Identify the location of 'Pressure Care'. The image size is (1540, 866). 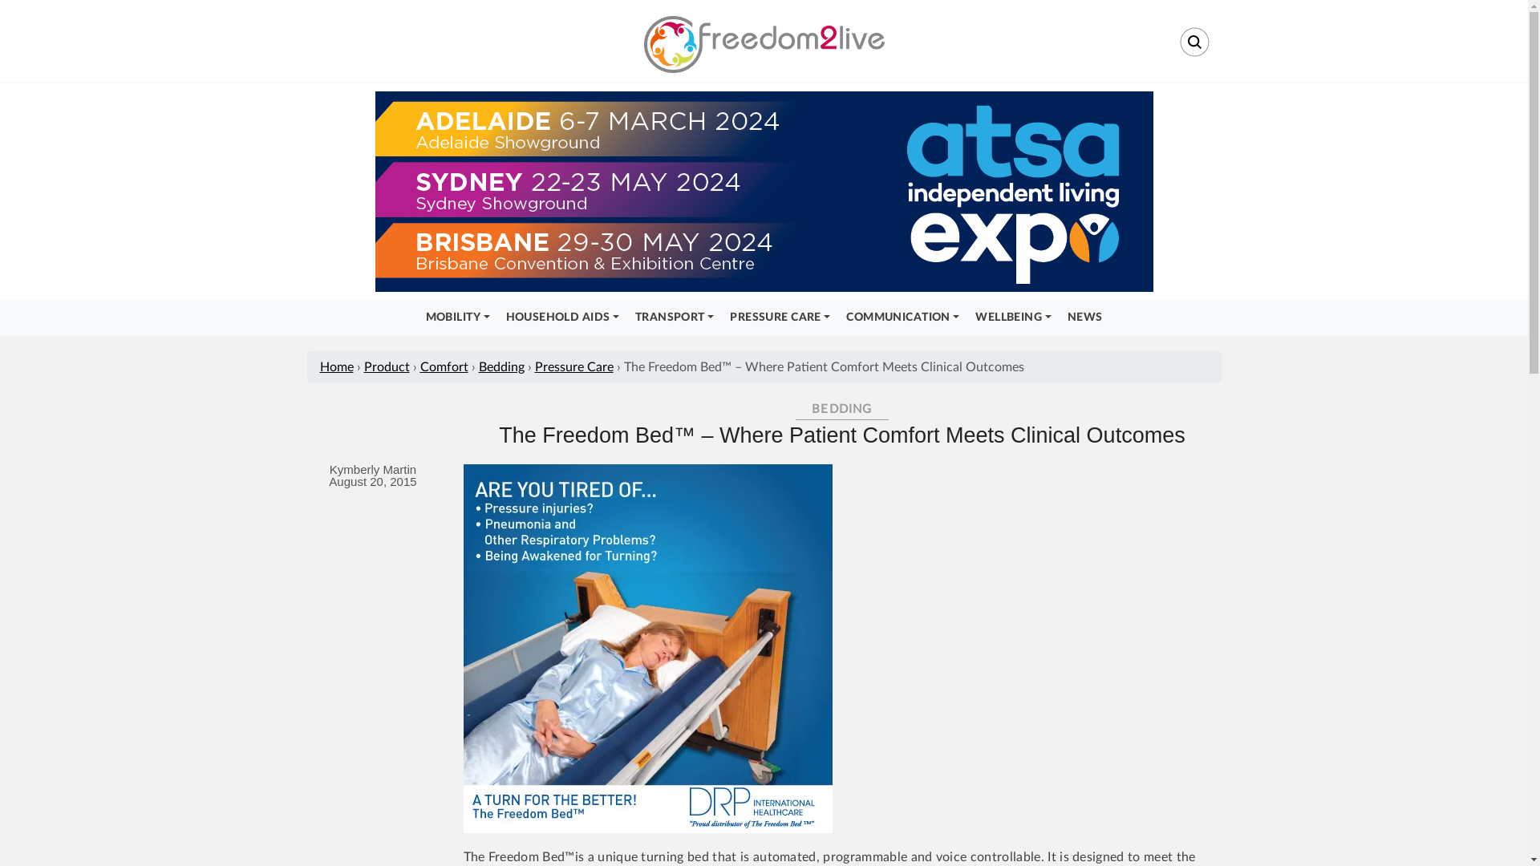
(573, 367).